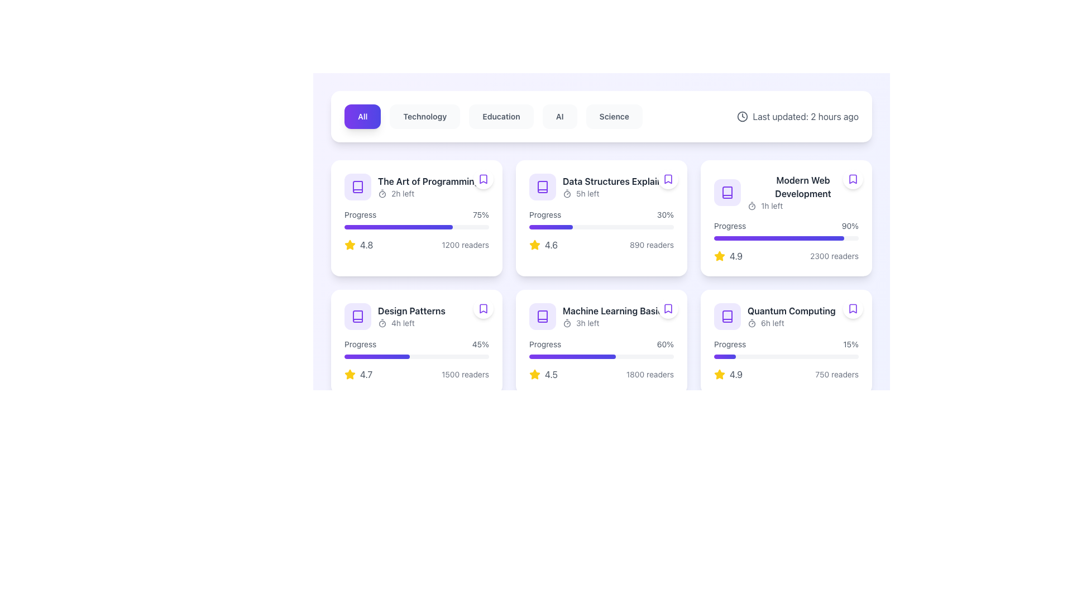  Describe the element at coordinates (545, 344) in the screenshot. I see `the static text label that describes the associated progress metric and percentage, located in the center left of the second row of the course card` at that location.